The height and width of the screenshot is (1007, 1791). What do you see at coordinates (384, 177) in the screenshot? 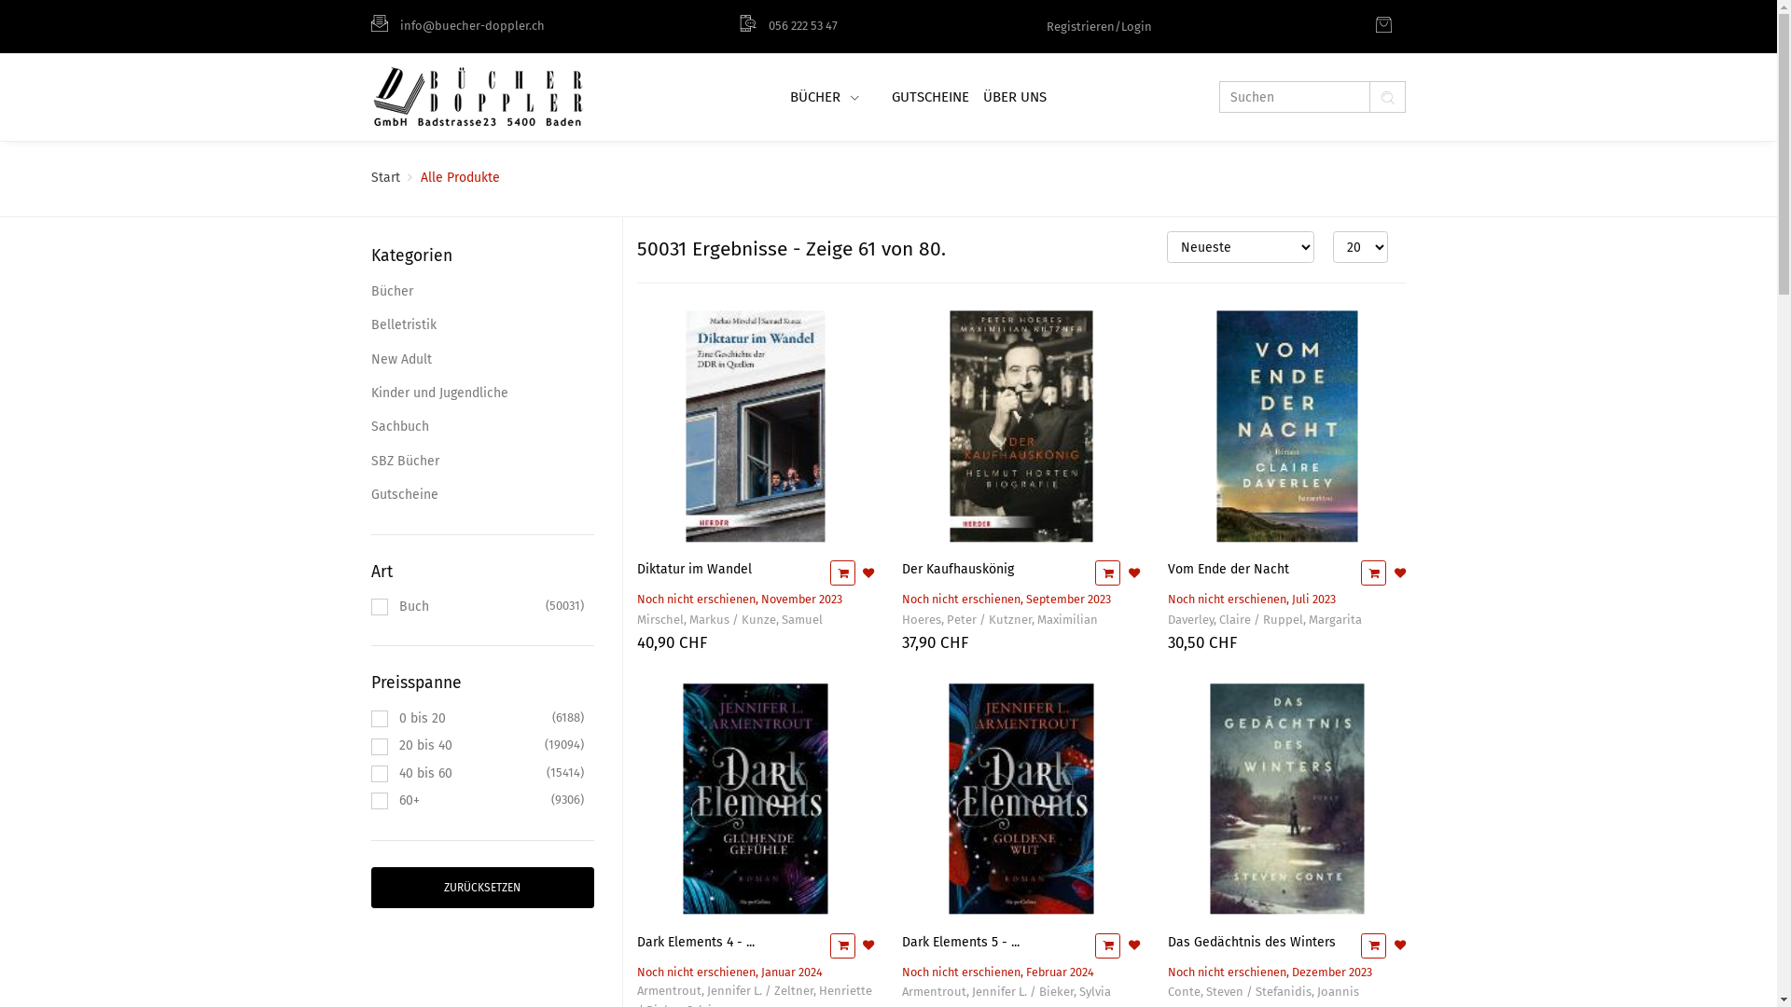
I see `'Start'` at bounding box center [384, 177].